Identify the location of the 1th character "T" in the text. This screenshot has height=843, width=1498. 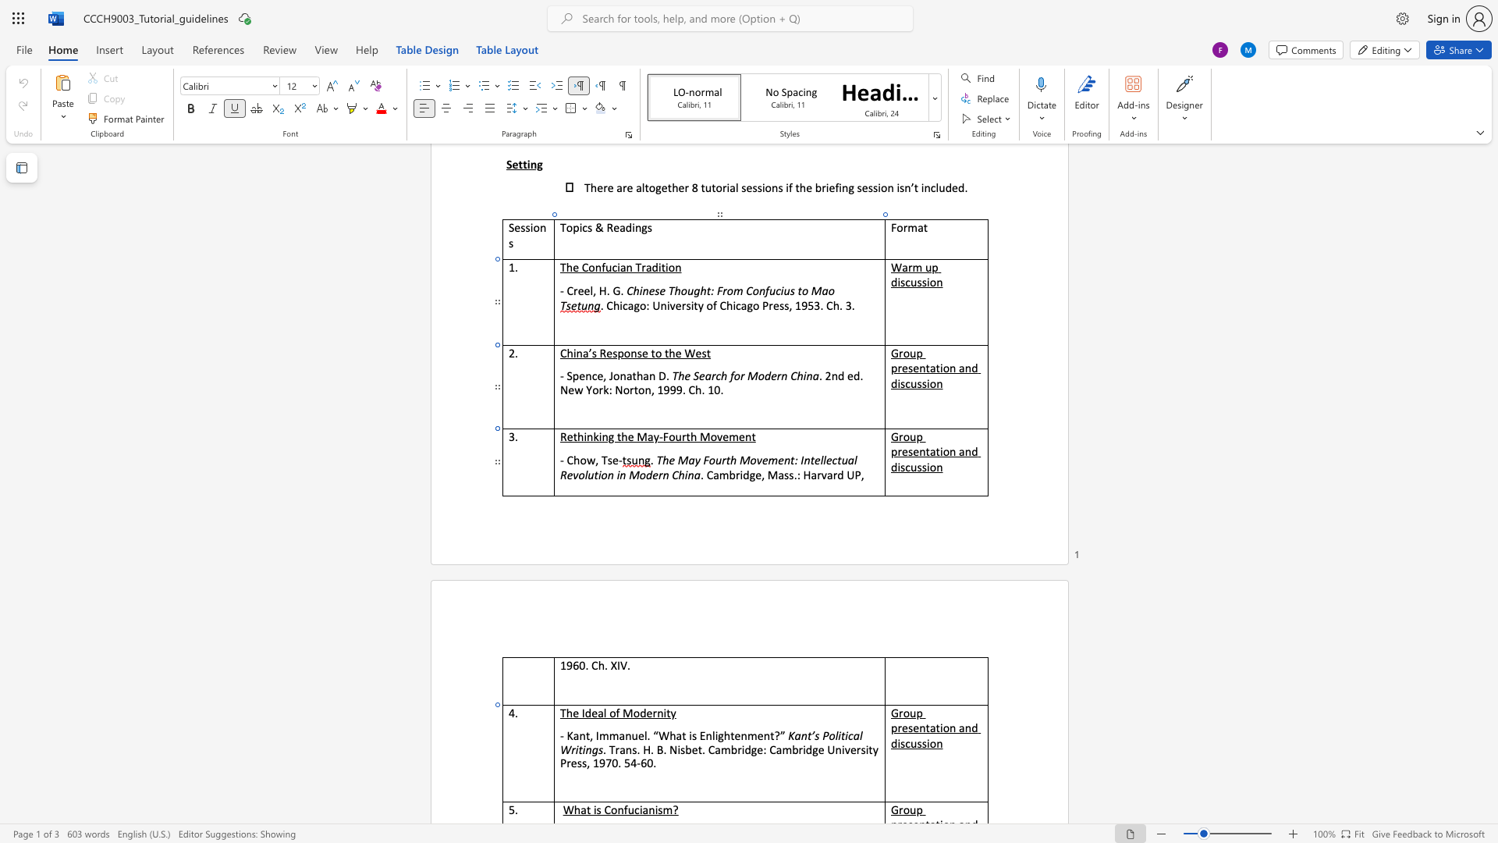
(603, 459).